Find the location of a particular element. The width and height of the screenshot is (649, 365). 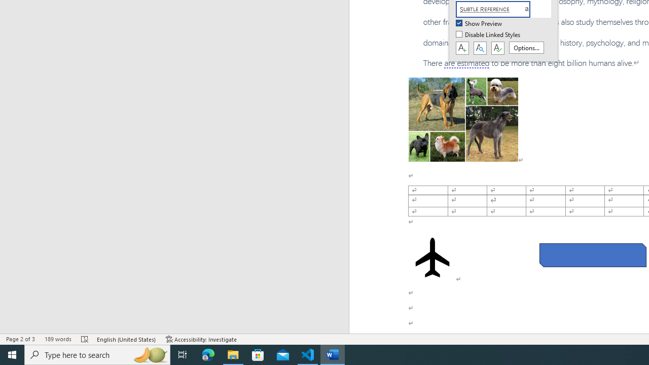

'Class: NetUIButton' is located at coordinates (497, 48).